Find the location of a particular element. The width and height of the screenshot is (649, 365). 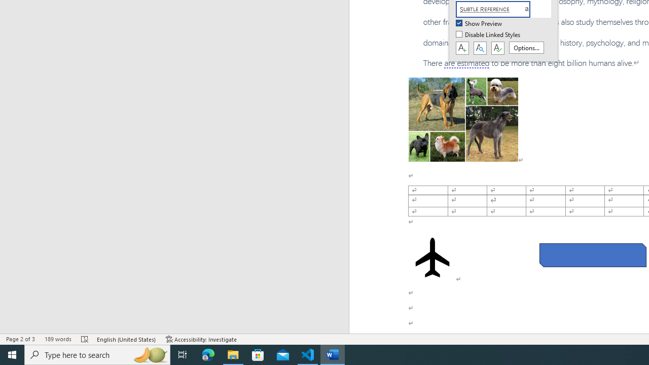

'Class: NetUIButton' is located at coordinates (497, 48).